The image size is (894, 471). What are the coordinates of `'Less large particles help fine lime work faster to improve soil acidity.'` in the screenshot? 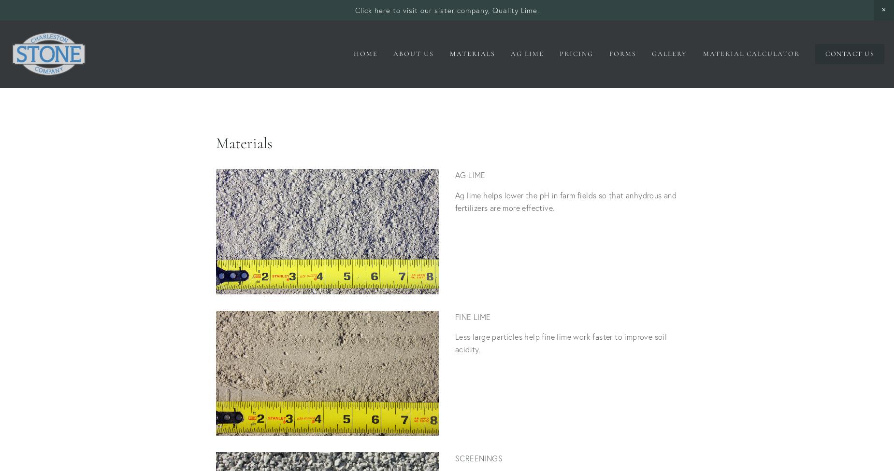 It's located at (455, 342).